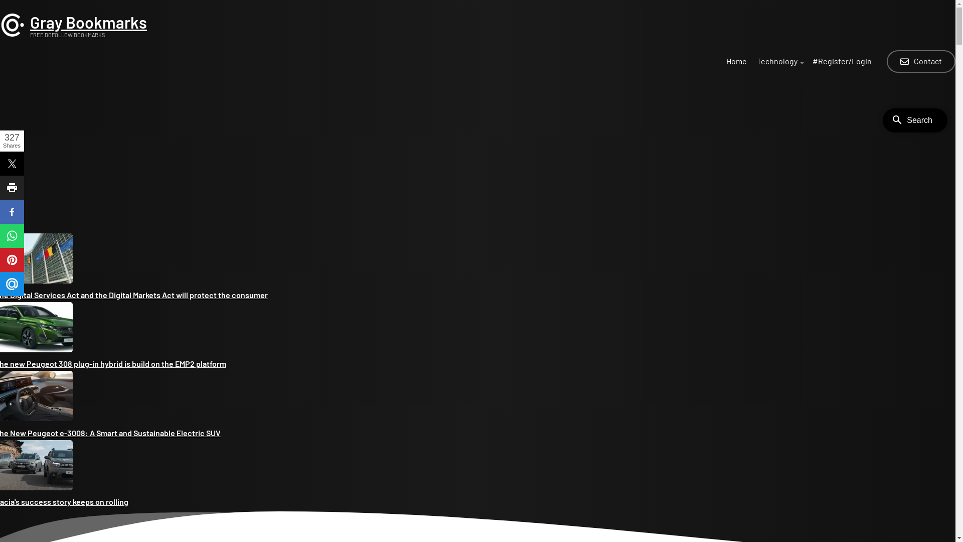 This screenshot has width=963, height=542. I want to click on 'Contact', so click(921, 61).